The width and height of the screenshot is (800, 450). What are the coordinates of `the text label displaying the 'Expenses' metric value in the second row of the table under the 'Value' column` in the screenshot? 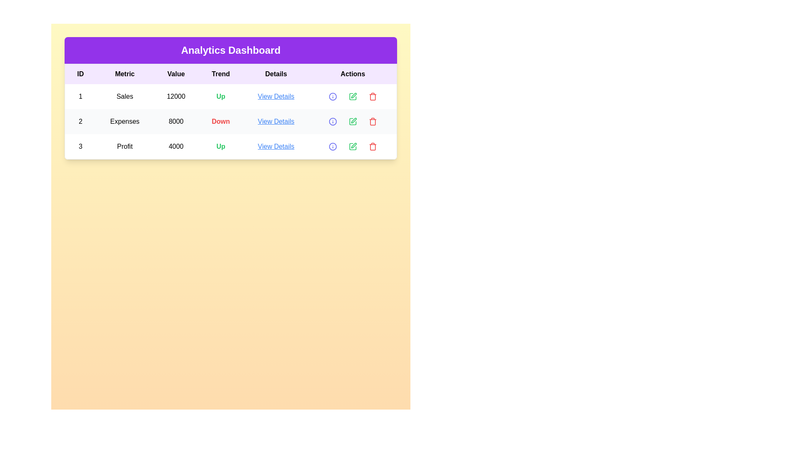 It's located at (175, 122).